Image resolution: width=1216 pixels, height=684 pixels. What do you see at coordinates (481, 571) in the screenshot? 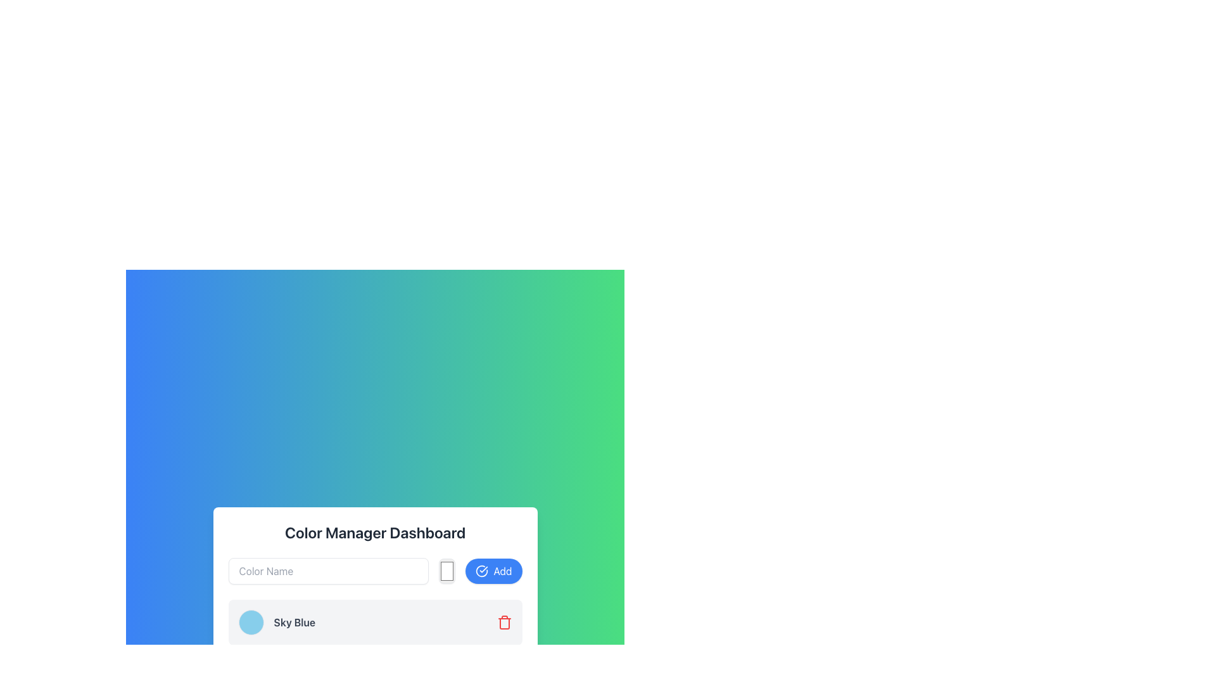
I see `the circular icon with a check mark inside, which has a blue background and white outline, located next to the 'Add' button in the color manager dashboard interface` at bounding box center [481, 571].